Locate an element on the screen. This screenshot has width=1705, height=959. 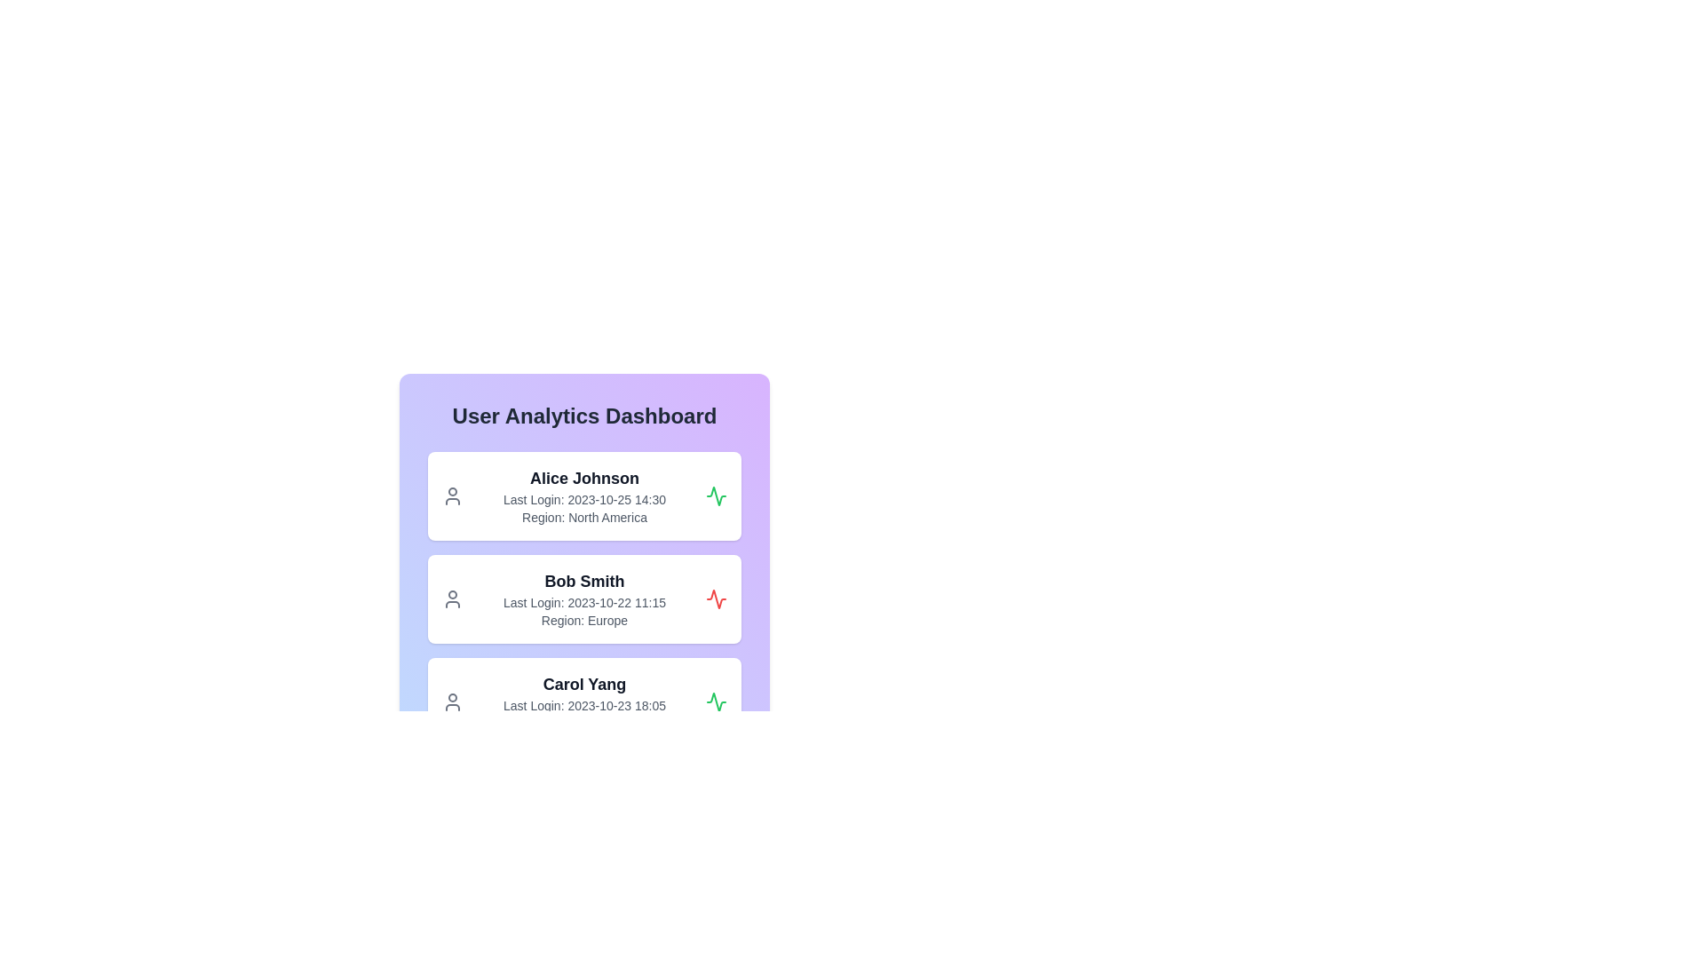
the Information display text block which shows a name, last login date, and a regional label, styled with varying font sizes and weights, located as the third card in a vertical stack of similar cards is located at coordinates (584, 701).